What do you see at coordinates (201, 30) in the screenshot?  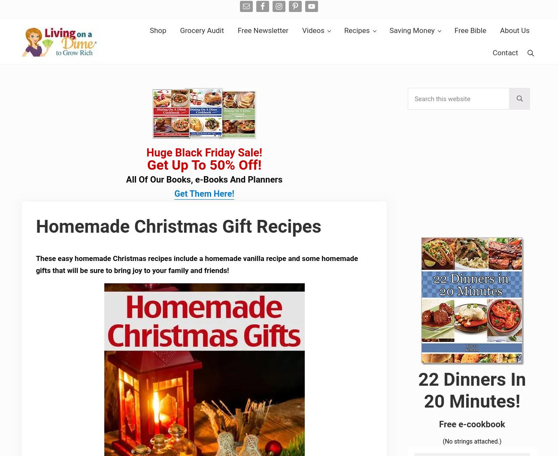 I see `'Grocery Audit'` at bounding box center [201, 30].